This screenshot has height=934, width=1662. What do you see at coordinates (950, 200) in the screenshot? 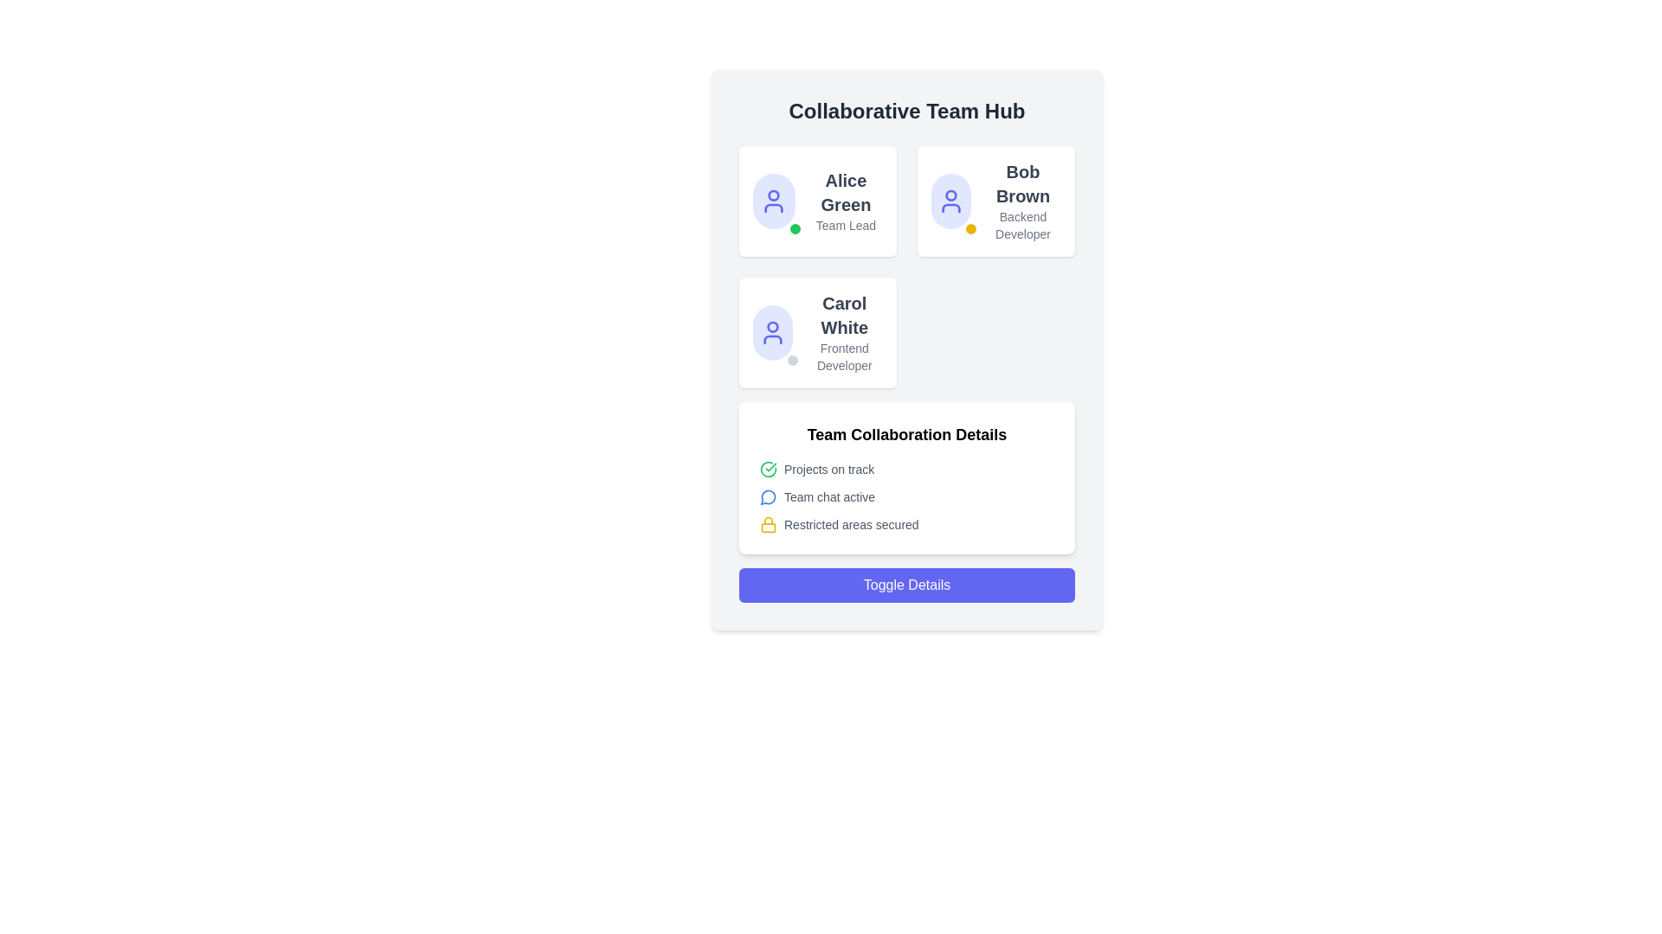
I see `the Avatar Icon of 'Bob Brown' to identify the user associated with it` at bounding box center [950, 200].